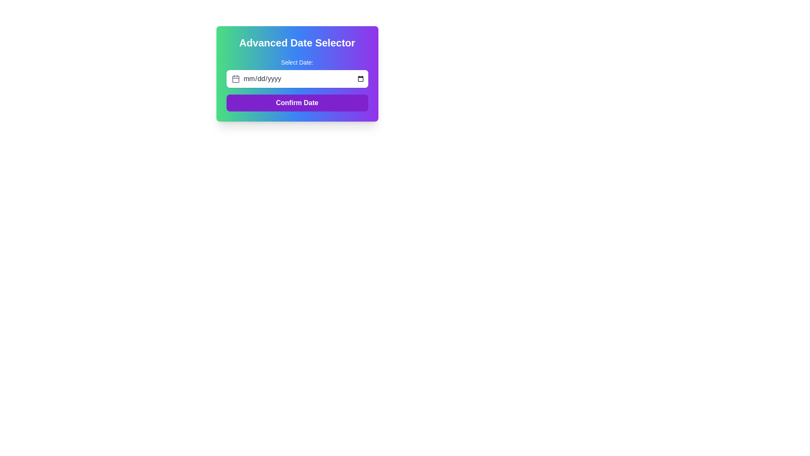 This screenshot has height=456, width=810. What do you see at coordinates (297, 62) in the screenshot?
I see `the label that describes the date input field, which is located at the top of a rectangular card component above the input field and calendar icon` at bounding box center [297, 62].